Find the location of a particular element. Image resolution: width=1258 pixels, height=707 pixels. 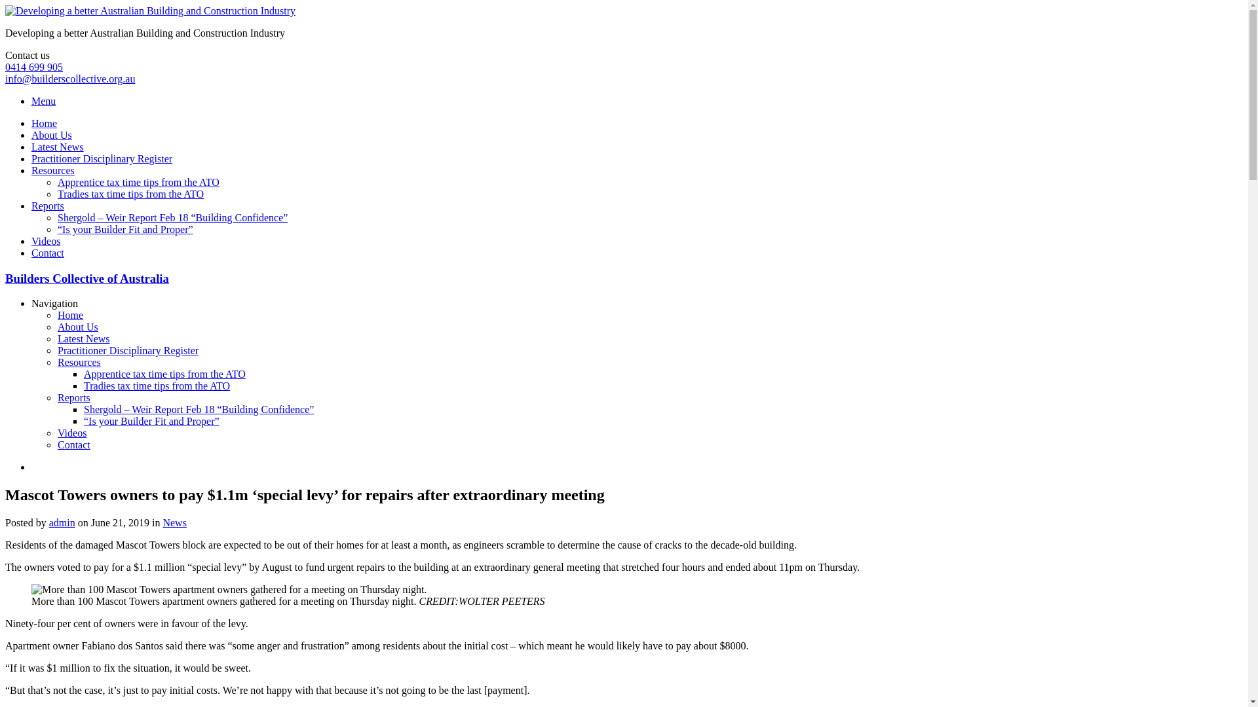

'Apprentice tax time tips from the ATO' is located at coordinates (138, 182).